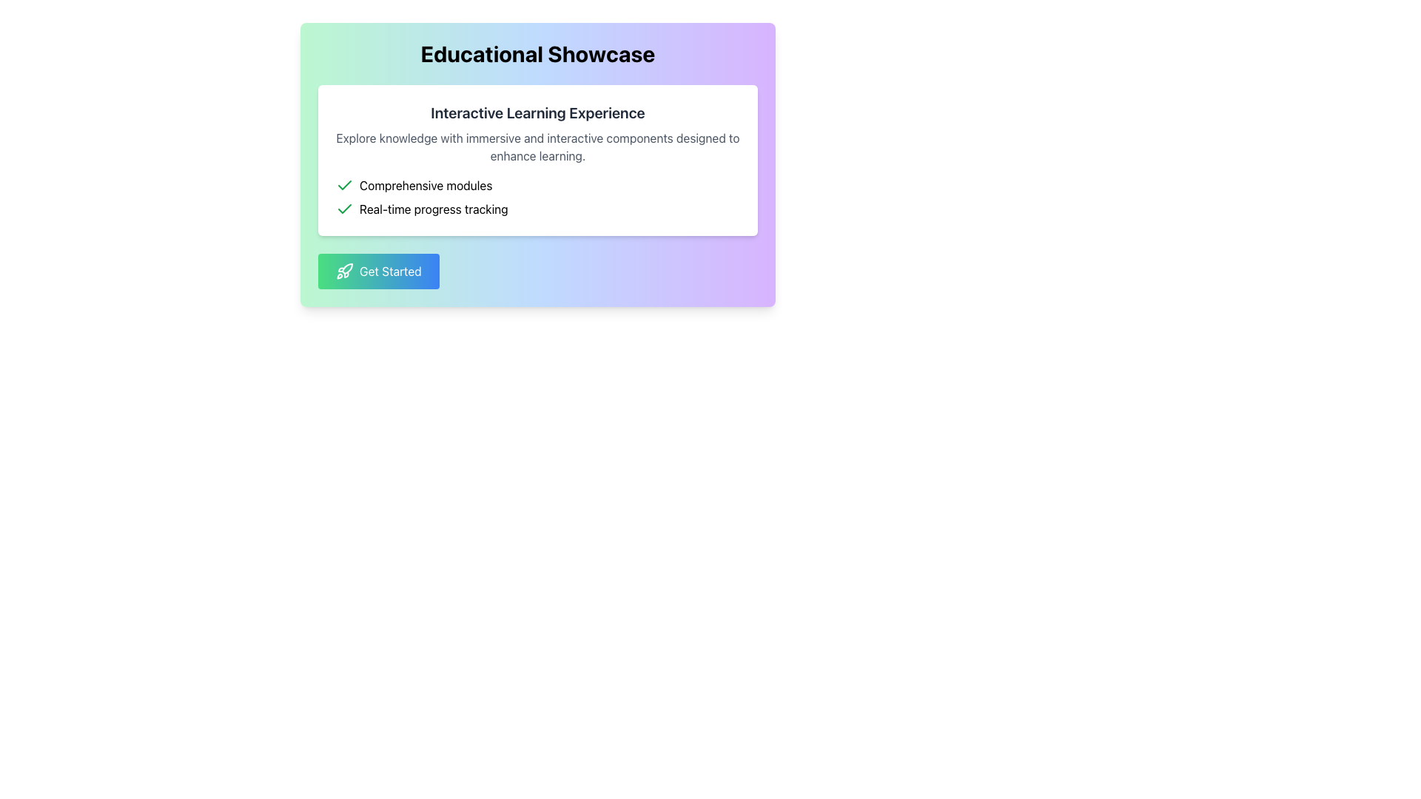  I want to click on the heading element displaying 'Educational Showcase', which is bold and large at the top center of the component, so click(537, 53).